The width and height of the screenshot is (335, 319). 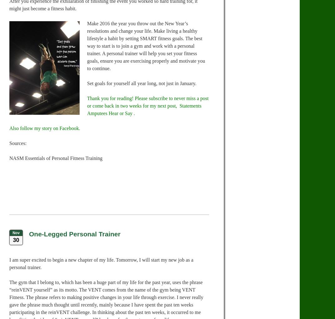 What do you see at coordinates (12, 240) in the screenshot?
I see `'30'` at bounding box center [12, 240].